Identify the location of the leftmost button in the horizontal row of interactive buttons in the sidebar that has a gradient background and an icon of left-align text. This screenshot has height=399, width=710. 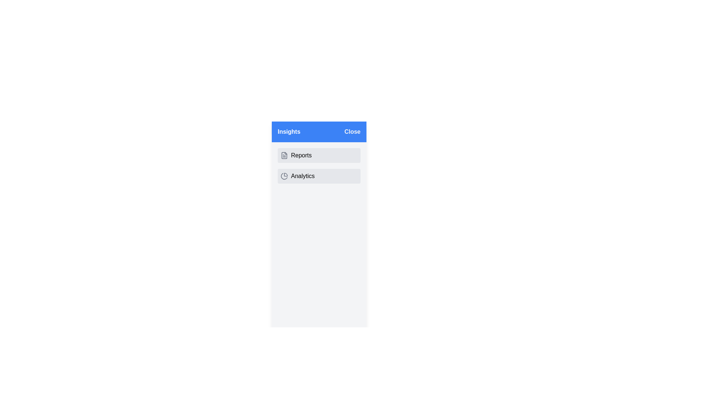
(278, 128).